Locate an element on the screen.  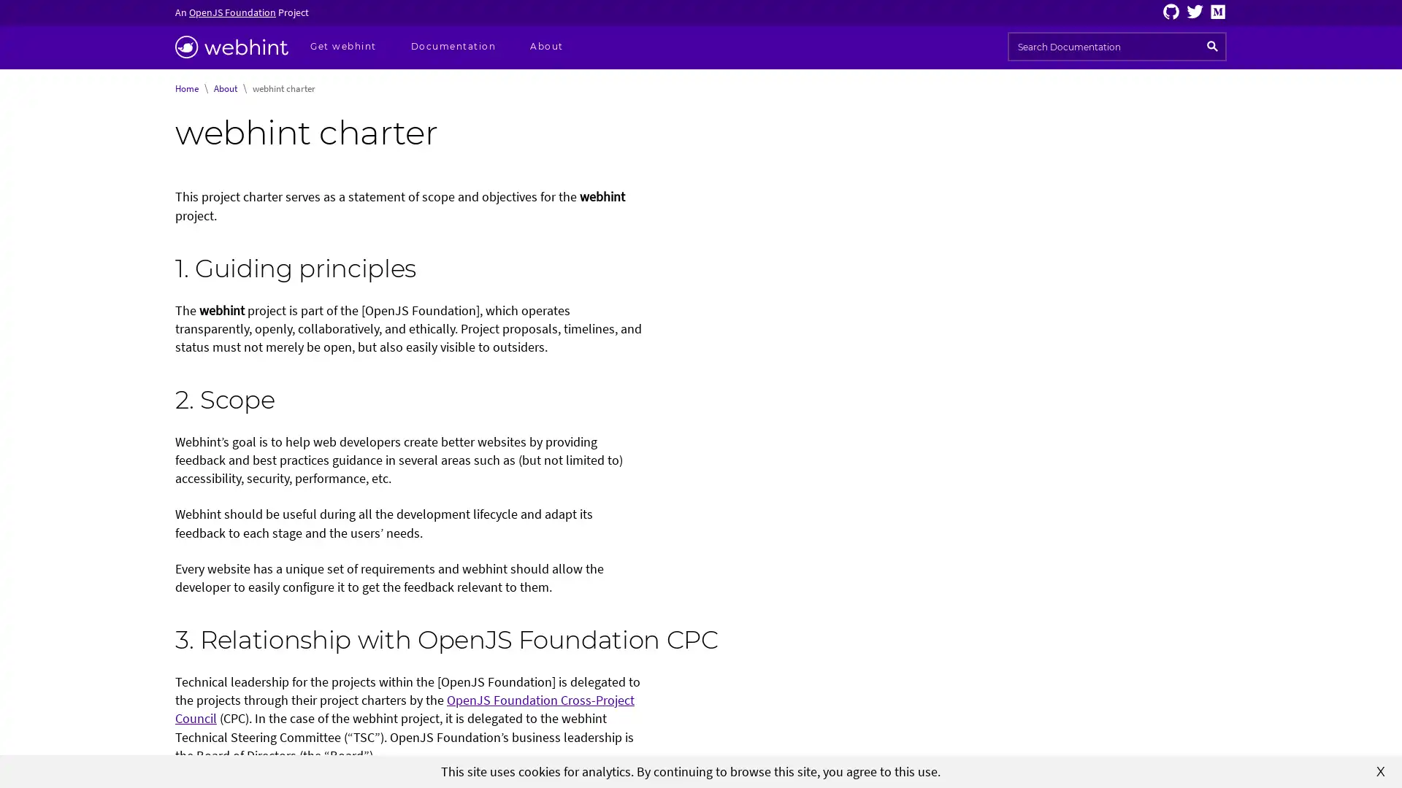
search is located at coordinates (1212, 46).